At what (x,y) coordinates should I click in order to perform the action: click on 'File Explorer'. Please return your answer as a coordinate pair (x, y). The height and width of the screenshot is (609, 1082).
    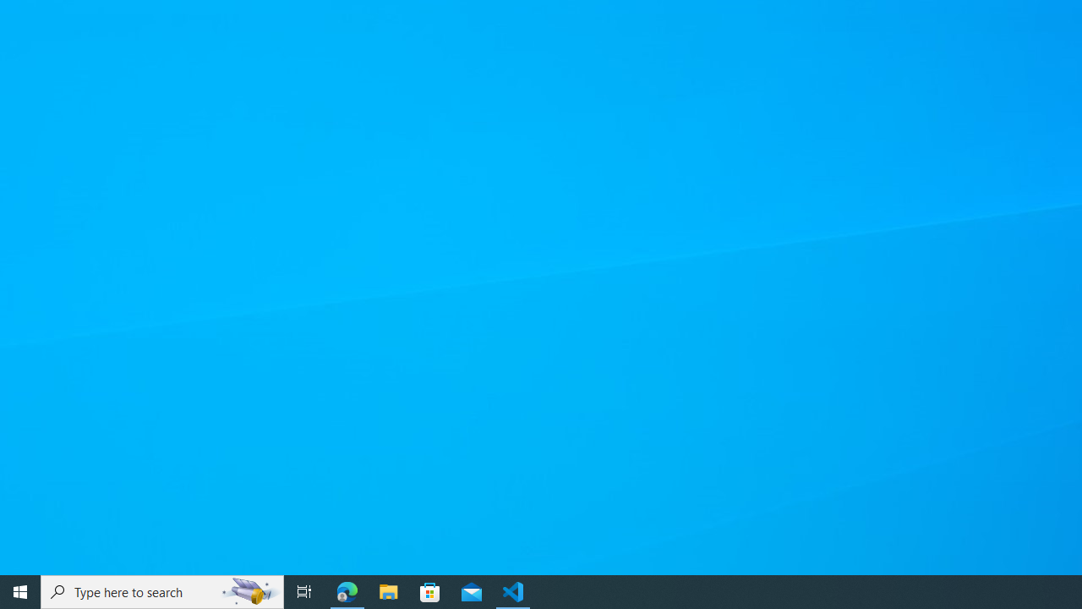
    Looking at the image, I should click on (388, 590).